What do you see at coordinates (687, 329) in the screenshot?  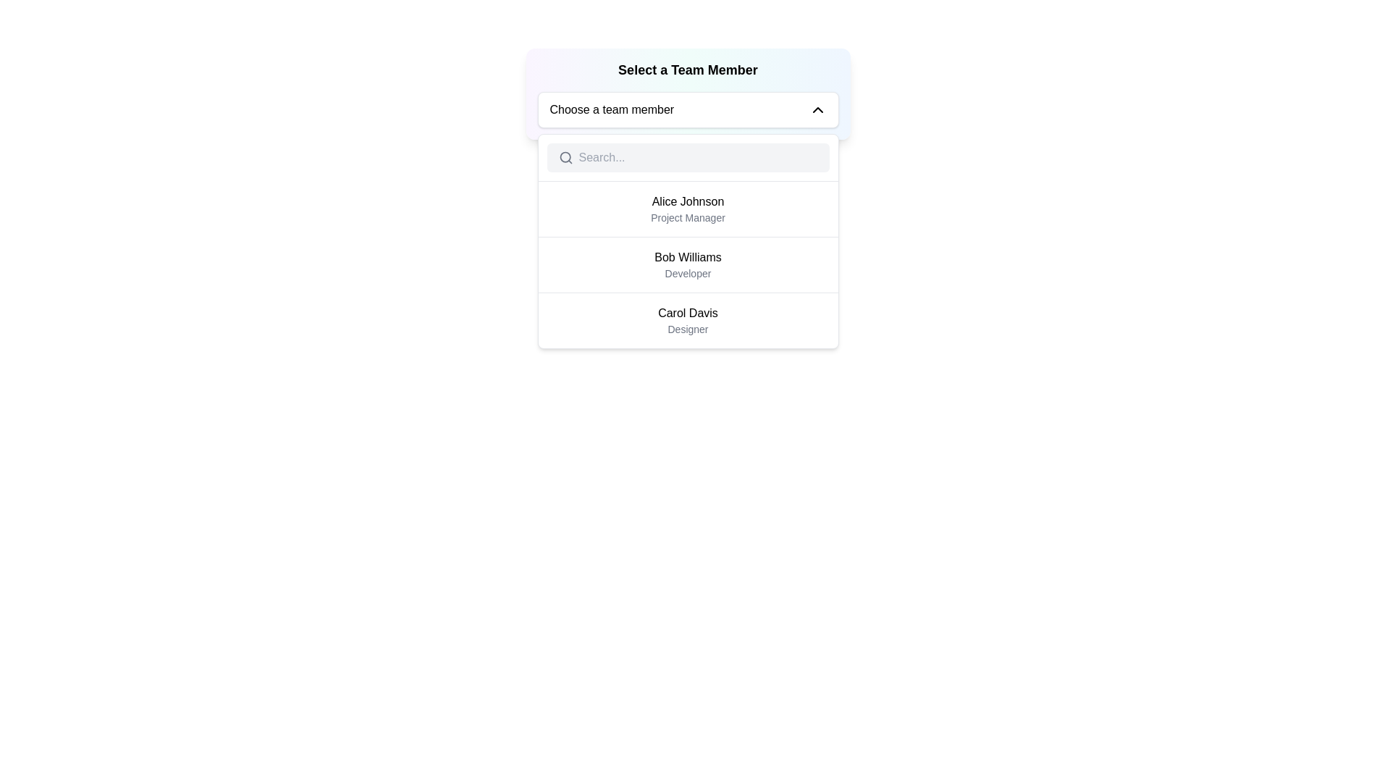 I see `text content of the job title label located below the 'Carol Davis' text label in the dropdown list` at bounding box center [687, 329].